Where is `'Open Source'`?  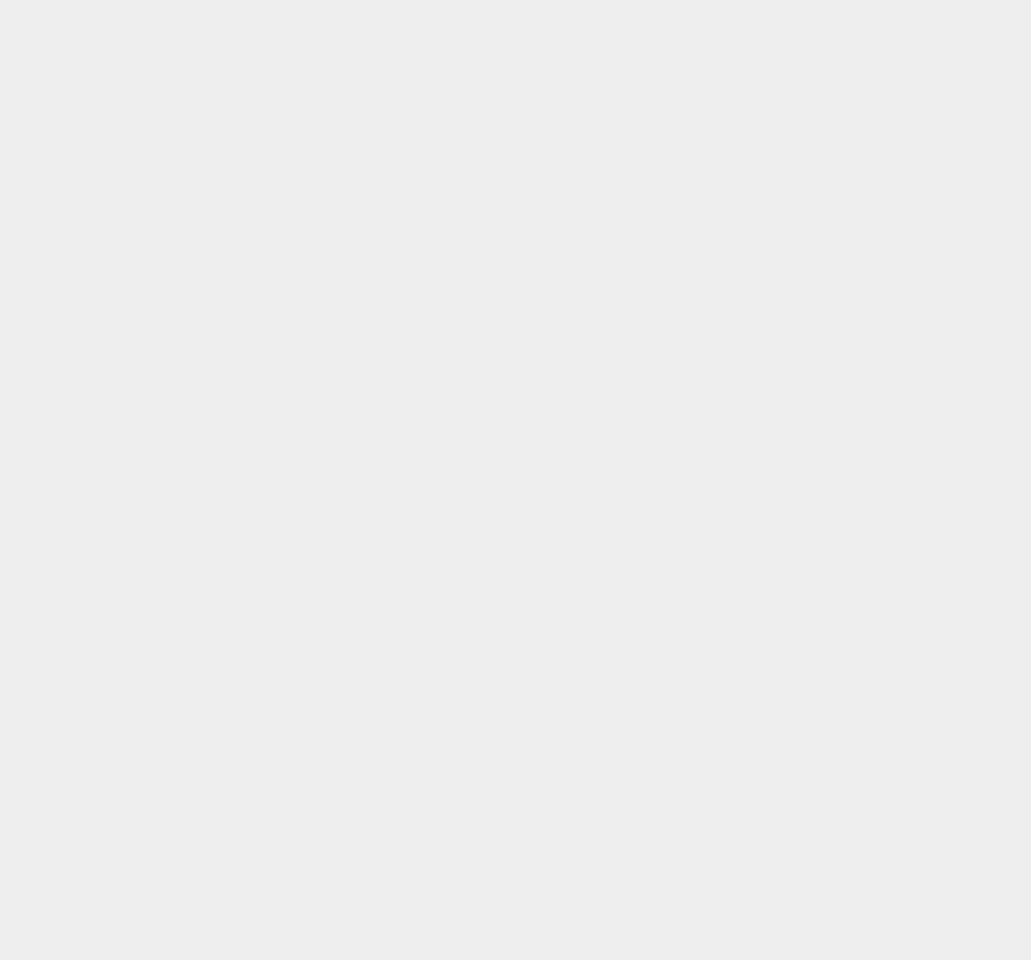 'Open Source' is located at coordinates (728, 212).